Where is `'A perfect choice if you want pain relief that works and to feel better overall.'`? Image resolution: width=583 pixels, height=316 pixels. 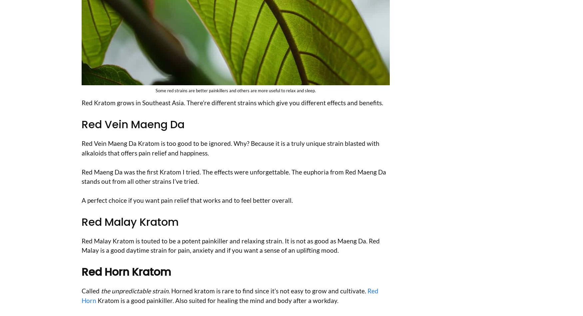 'A perfect choice if you want pain relief that works and to feel better overall.' is located at coordinates (187, 200).